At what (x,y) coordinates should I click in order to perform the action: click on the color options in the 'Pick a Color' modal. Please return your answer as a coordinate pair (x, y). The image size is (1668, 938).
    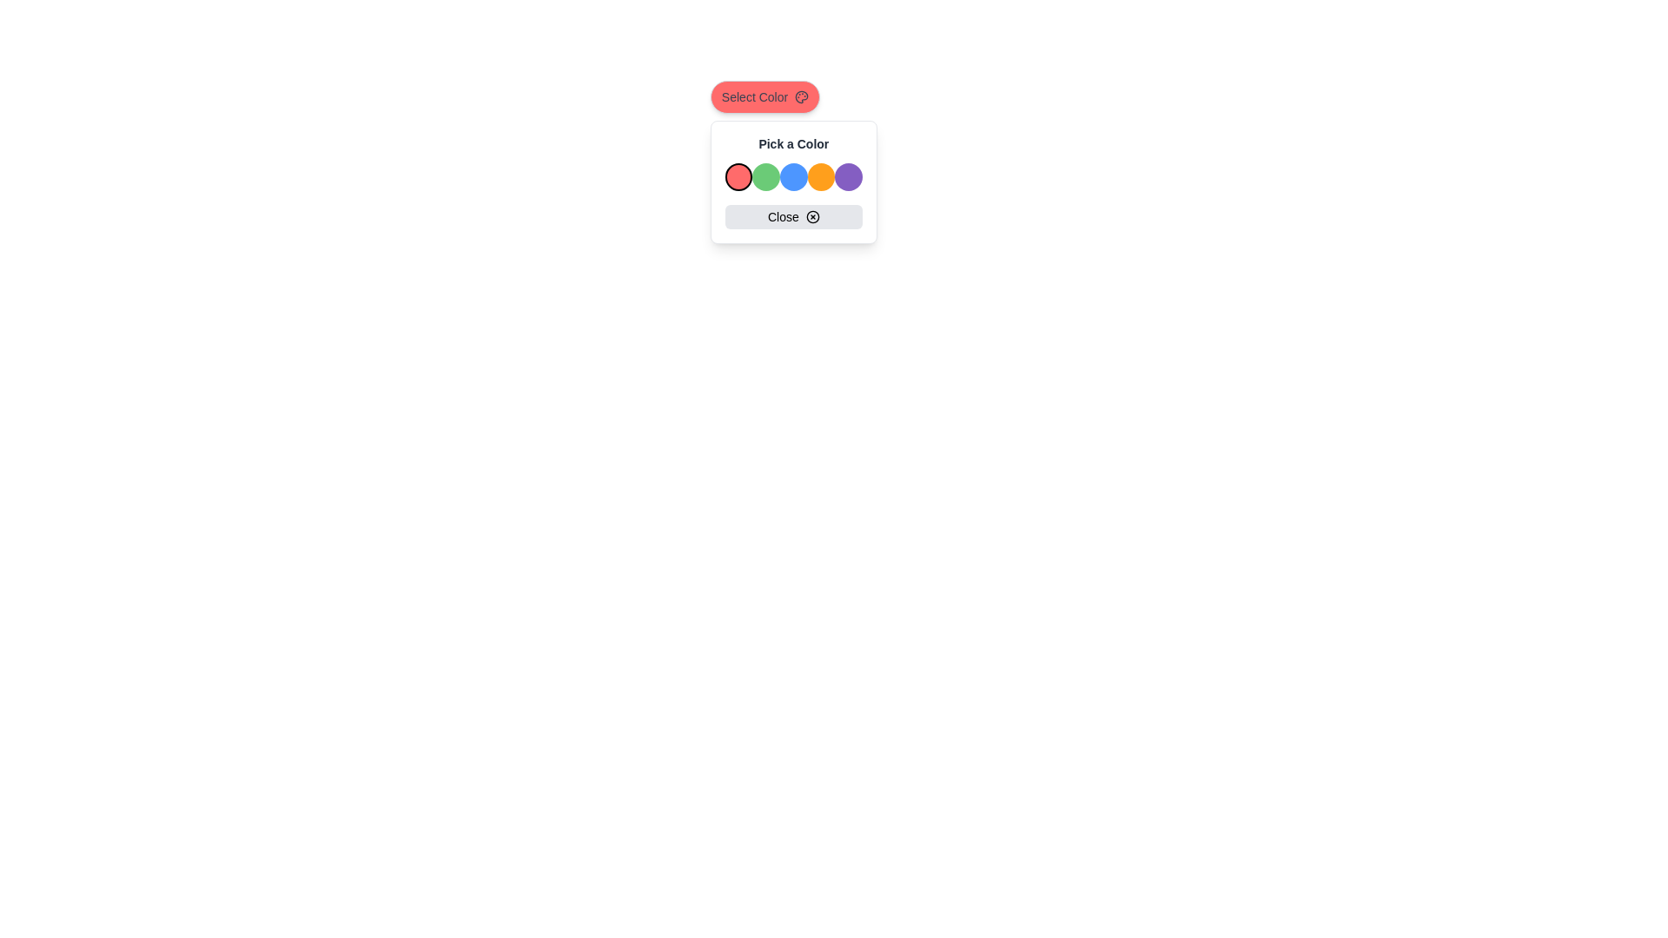
    Looking at the image, I should click on (792, 182).